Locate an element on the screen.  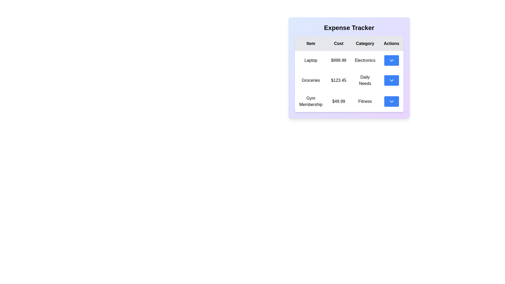
the 'Gym Membership' category tag text label located in the third row of the table under the 'Category' column is located at coordinates (365, 101).